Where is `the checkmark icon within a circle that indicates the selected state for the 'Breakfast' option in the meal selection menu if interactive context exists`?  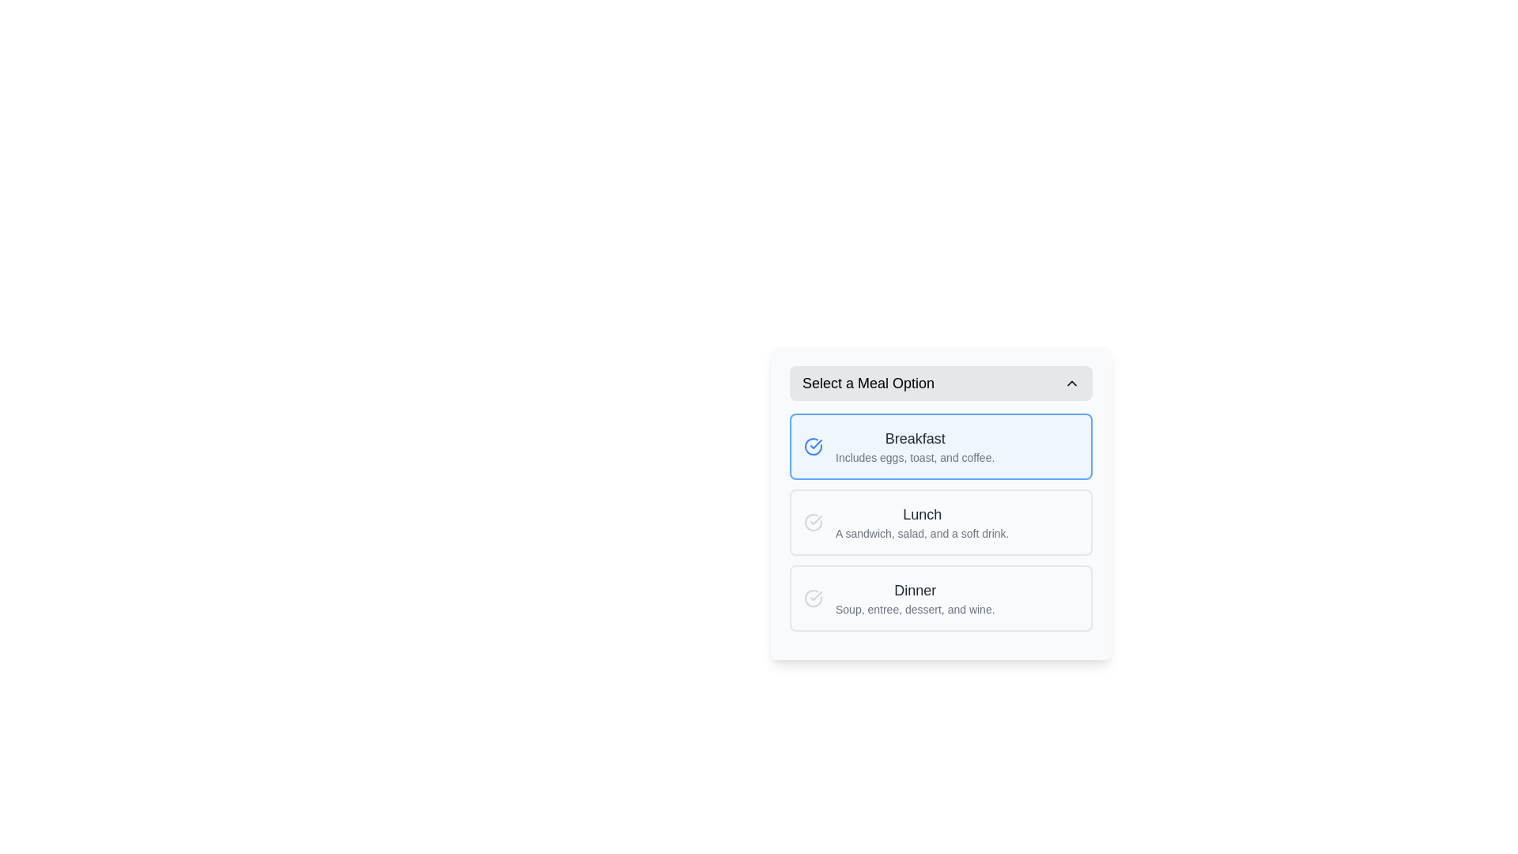
the checkmark icon within a circle that indicates the selected state for the 'Breakfast' option in the meal selection menu if interactive context exists is located at coordinates (816, 444).